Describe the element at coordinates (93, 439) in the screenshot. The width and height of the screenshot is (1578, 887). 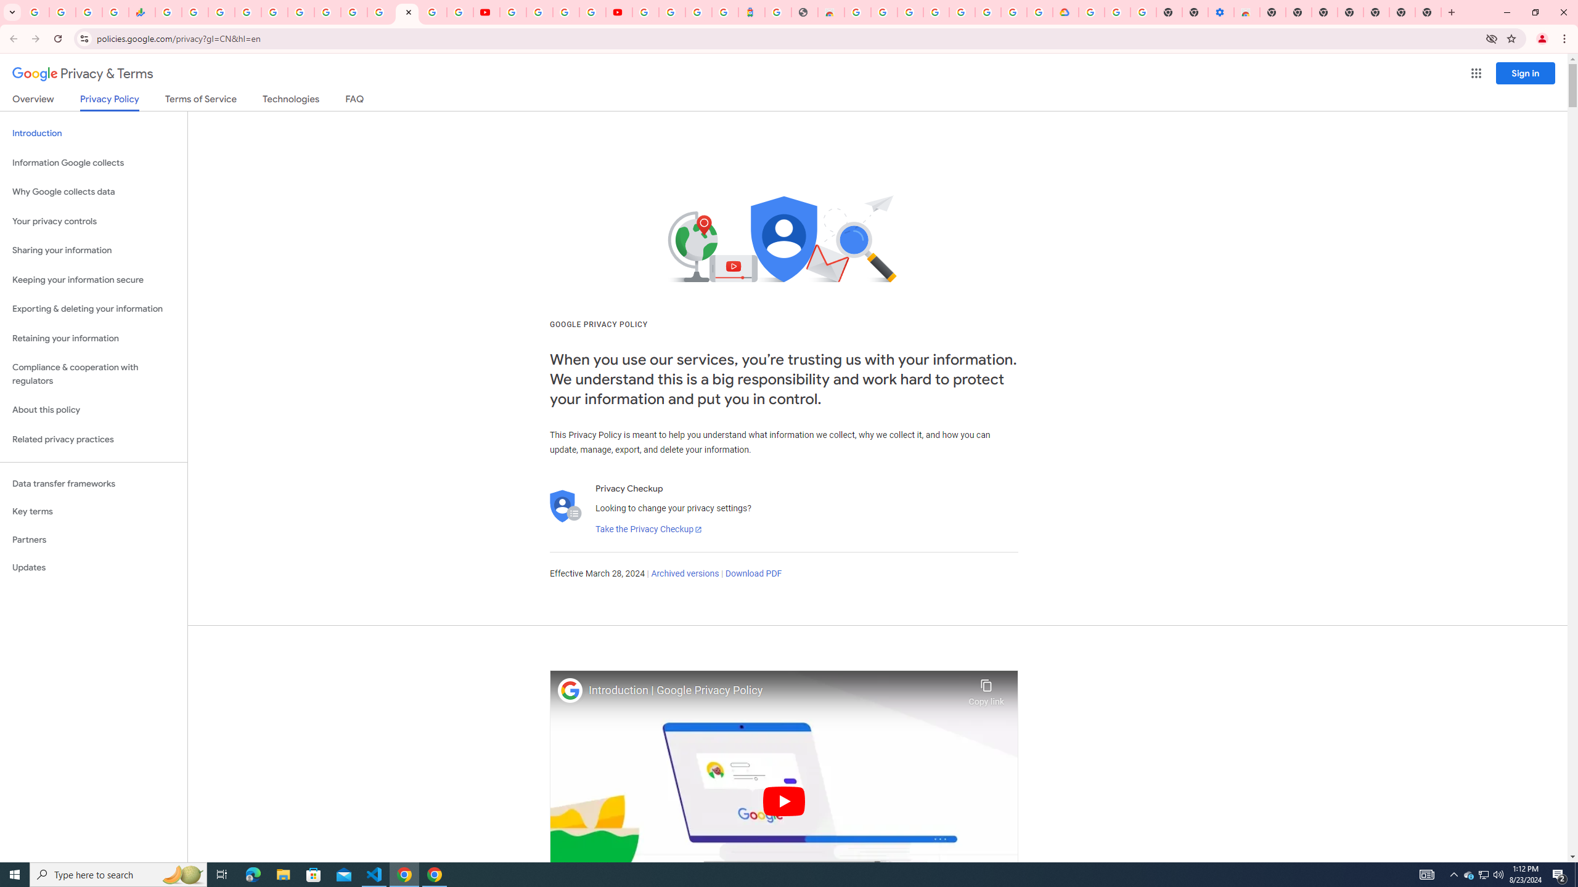
I see `'Related privacy practices'` at that location.